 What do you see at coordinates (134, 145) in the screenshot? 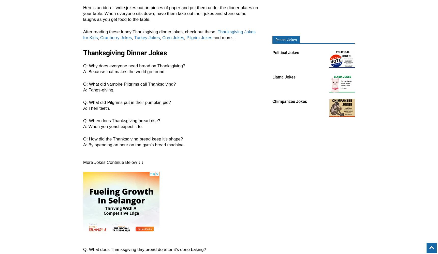
I see `'A: By spending an hour on the gym’s bread machine.'` at bounding box center [134, 145].